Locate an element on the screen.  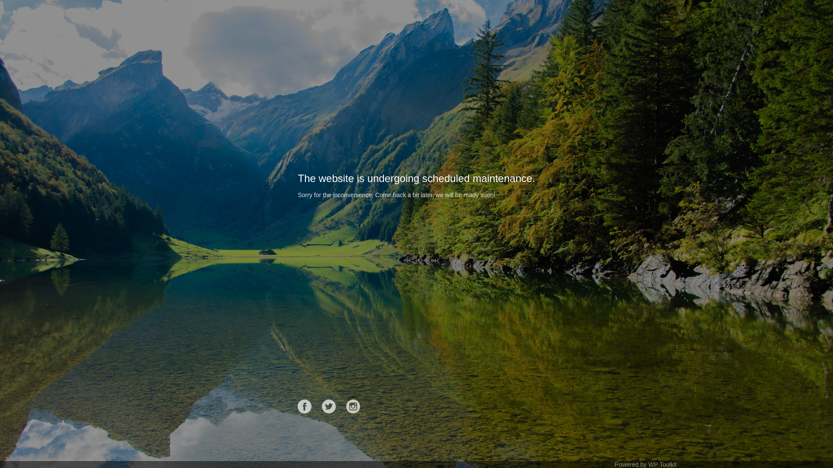
'Instagram' is located at coordinates (353, 406).